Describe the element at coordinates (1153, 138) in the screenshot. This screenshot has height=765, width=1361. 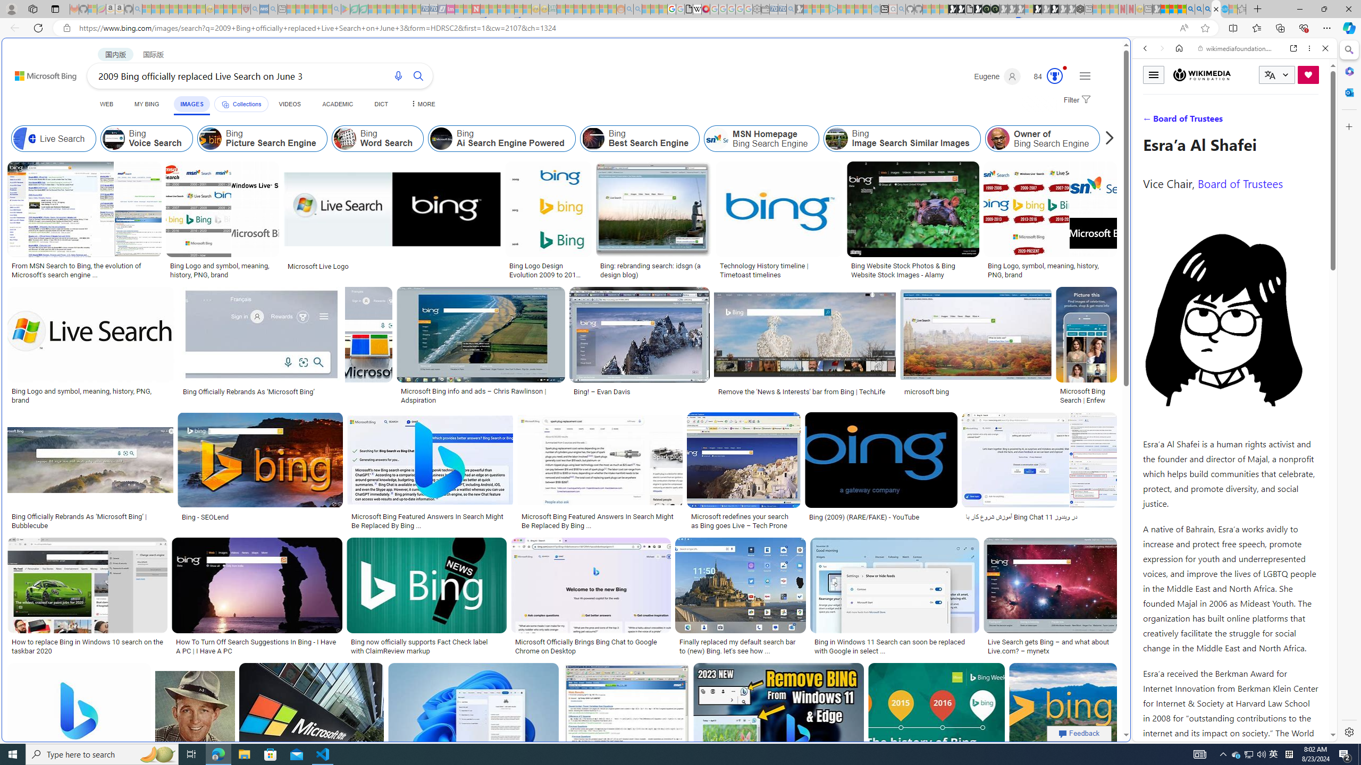
I see `'Class: item col'` at that location.